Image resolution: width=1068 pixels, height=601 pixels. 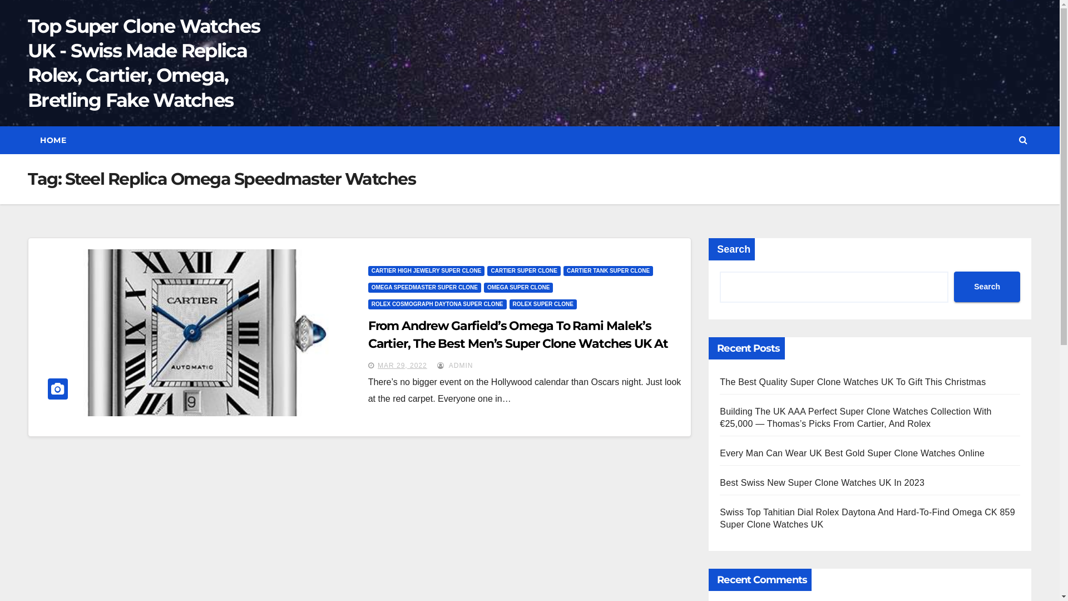 I want to click on 'CARTIER SUPER CLONE', so click(x=487, y=270).